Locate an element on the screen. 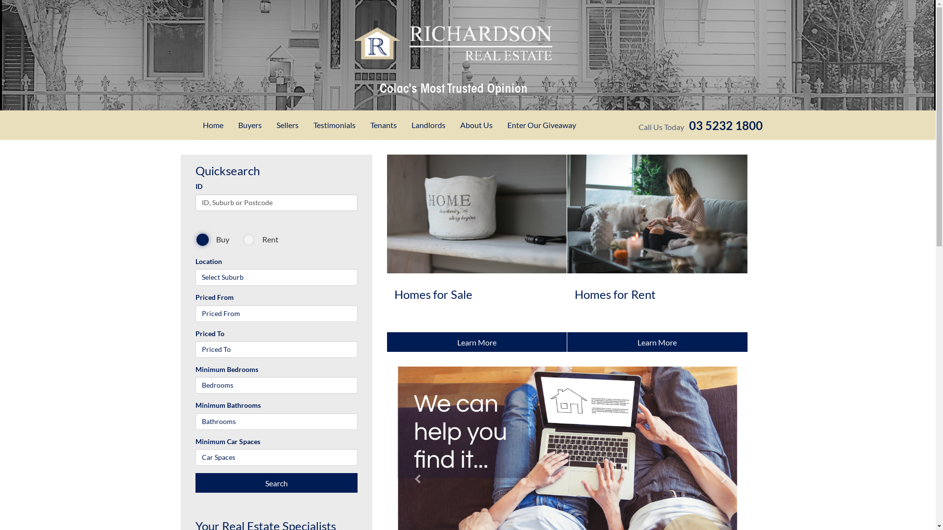  'Home' is located at coordinates (212, 124).